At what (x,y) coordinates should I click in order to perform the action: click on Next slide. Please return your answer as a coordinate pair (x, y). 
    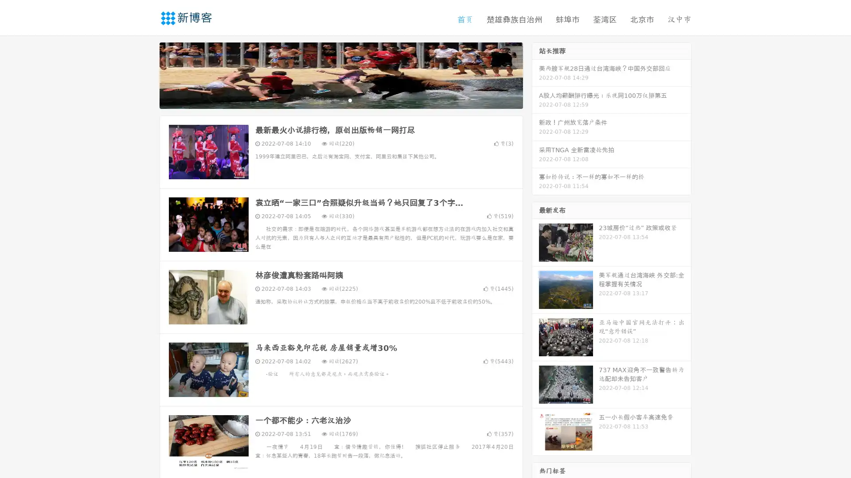
    Looking at the image, I should click on (535, 74).